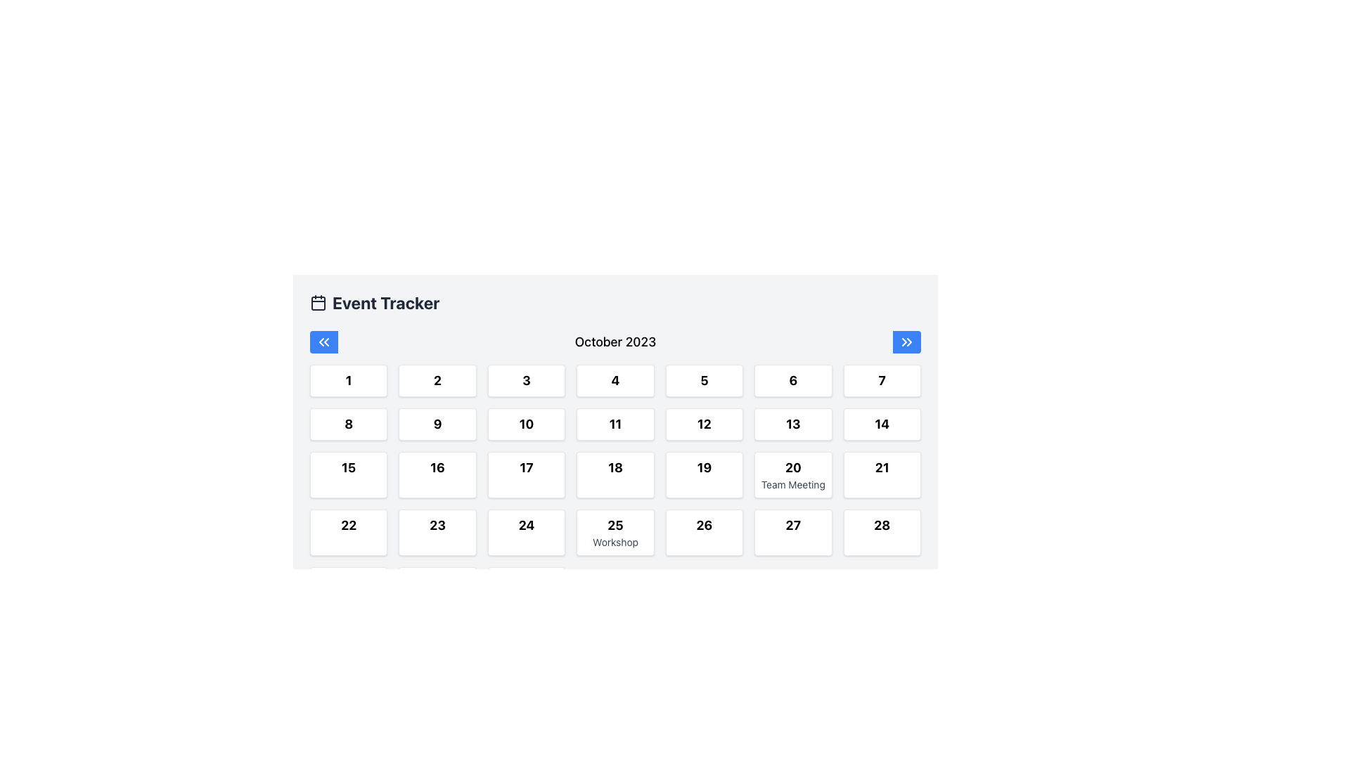 The width and height of the screenshot is (1350, 759). I want to click on the Date cell representing the 27th in the calendar view, located in the sixth cell of the bottom row of a 7x5 grid layout, so click(793, 533).